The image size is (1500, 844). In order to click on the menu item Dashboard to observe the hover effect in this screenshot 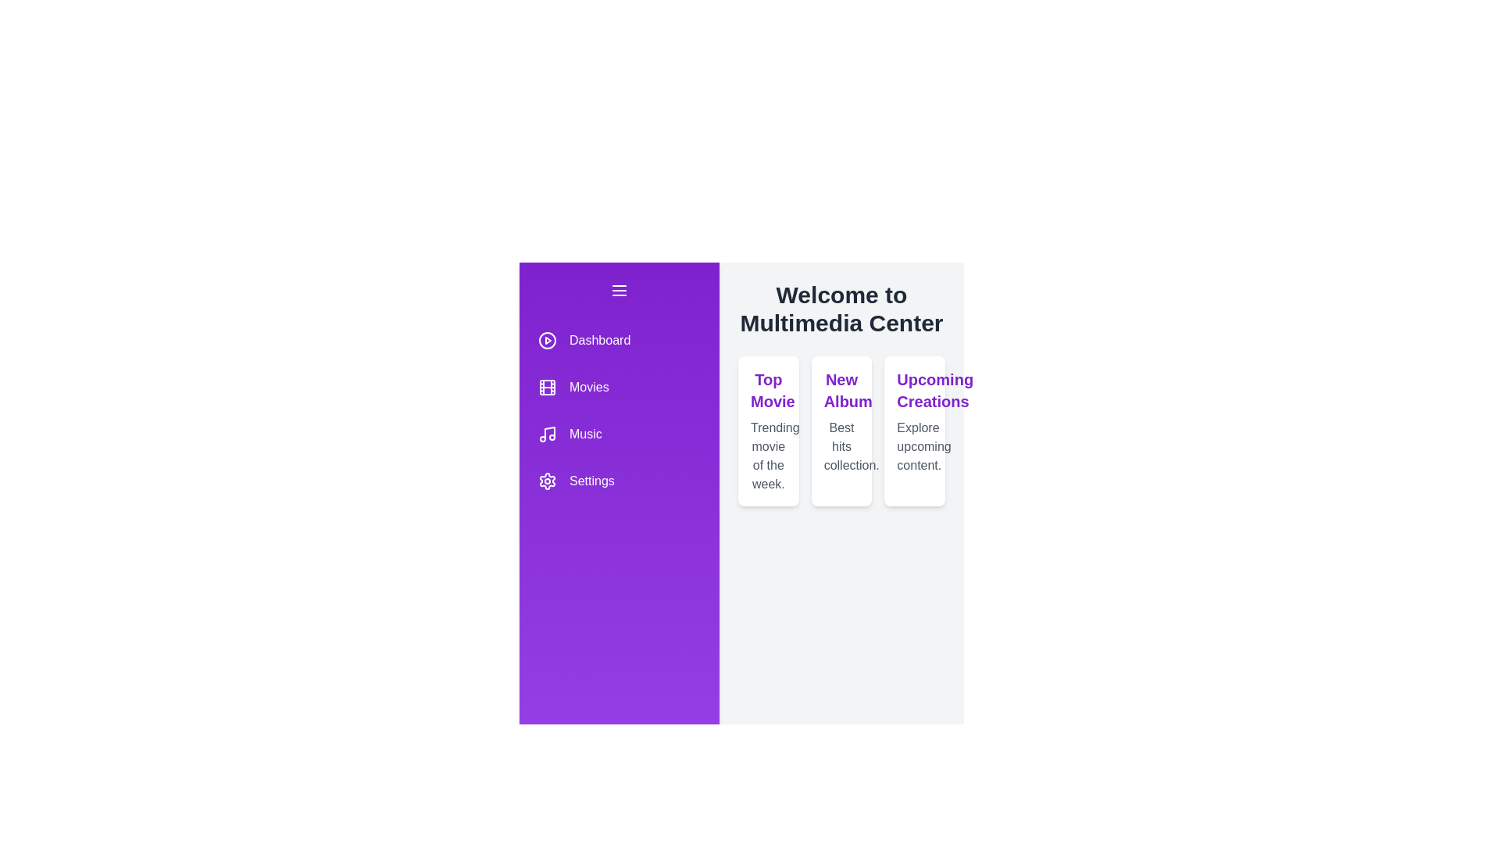, I will do `click(618, 339)`.